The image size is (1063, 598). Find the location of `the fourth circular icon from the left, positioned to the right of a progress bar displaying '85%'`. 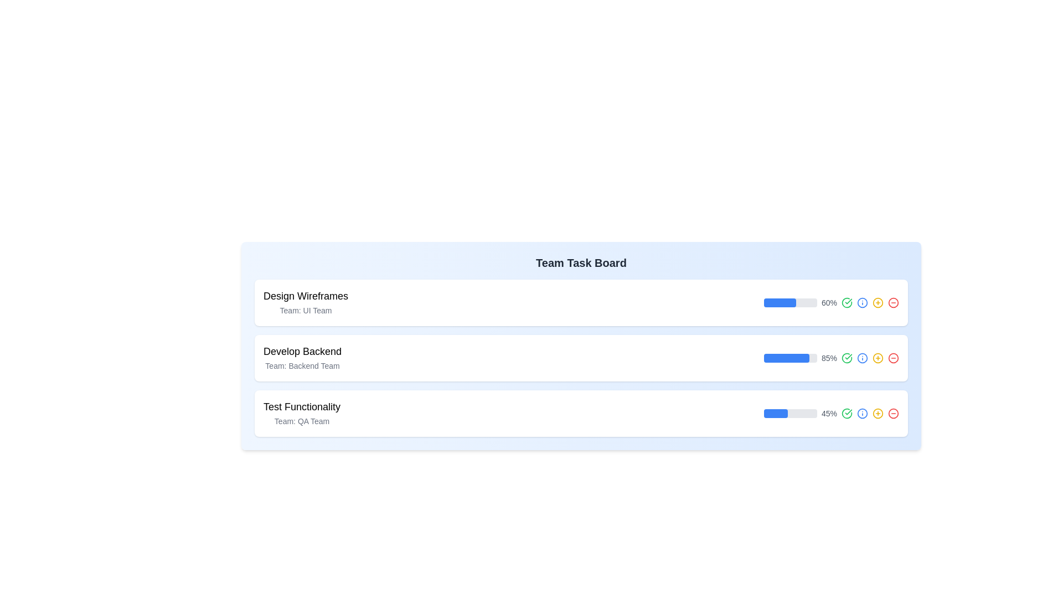

the fourth circular icon from the left, positioned to the right of a progress bar displaying '85%' is located at coordinates (877, 358).